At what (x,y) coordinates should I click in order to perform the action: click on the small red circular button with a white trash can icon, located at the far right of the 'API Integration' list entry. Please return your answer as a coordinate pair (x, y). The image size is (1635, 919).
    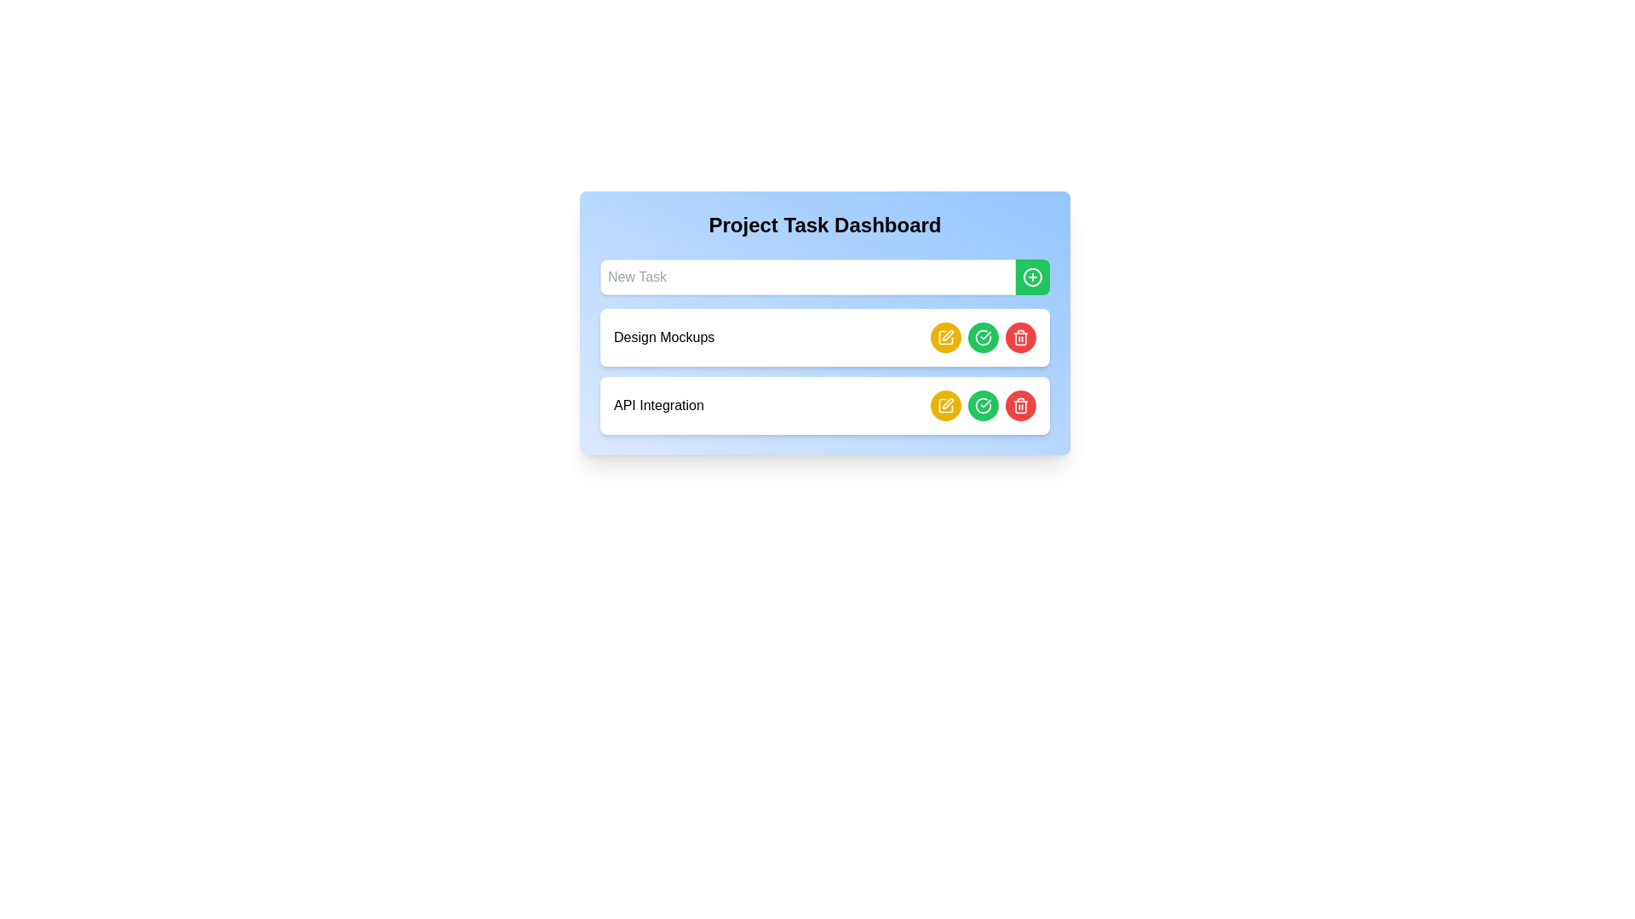
    Looking at the image, I should click on (1021, 338).